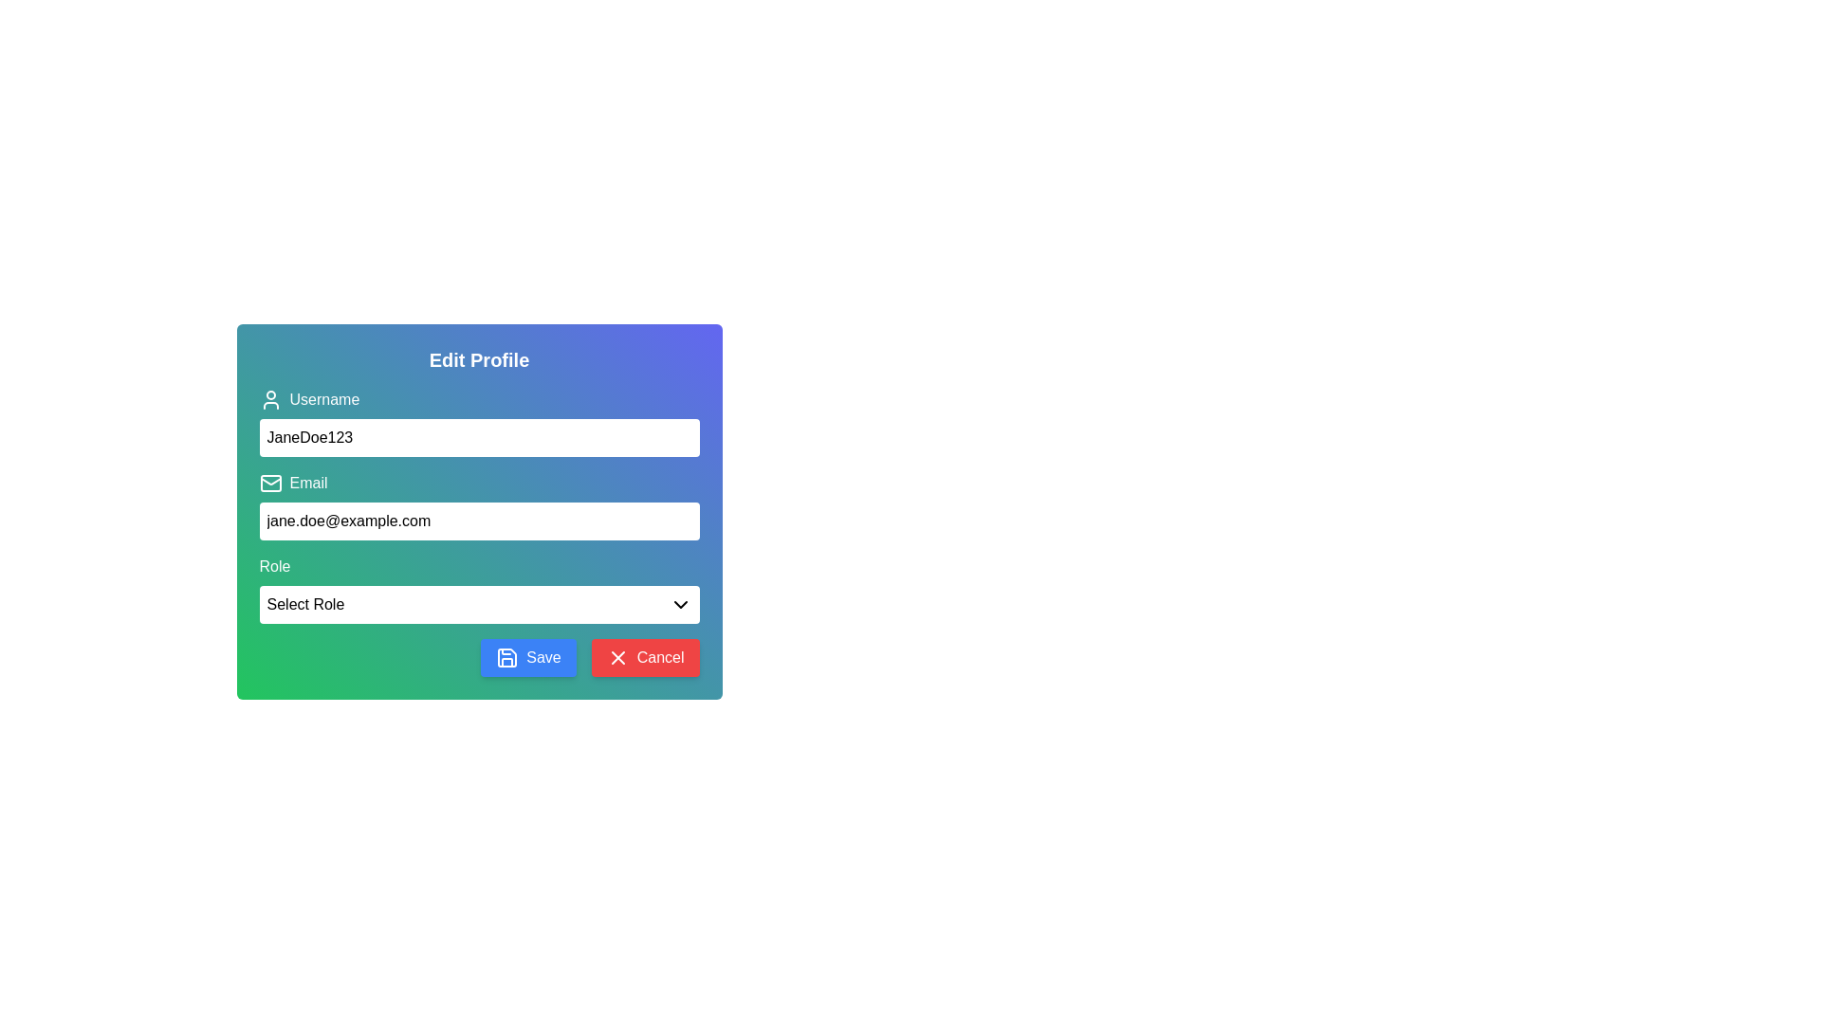 The image size is (1821, 1024). Describe the element at coordinates (479, 521) in the screenshot. I see `the email input field designed for entering an email address` at that location.